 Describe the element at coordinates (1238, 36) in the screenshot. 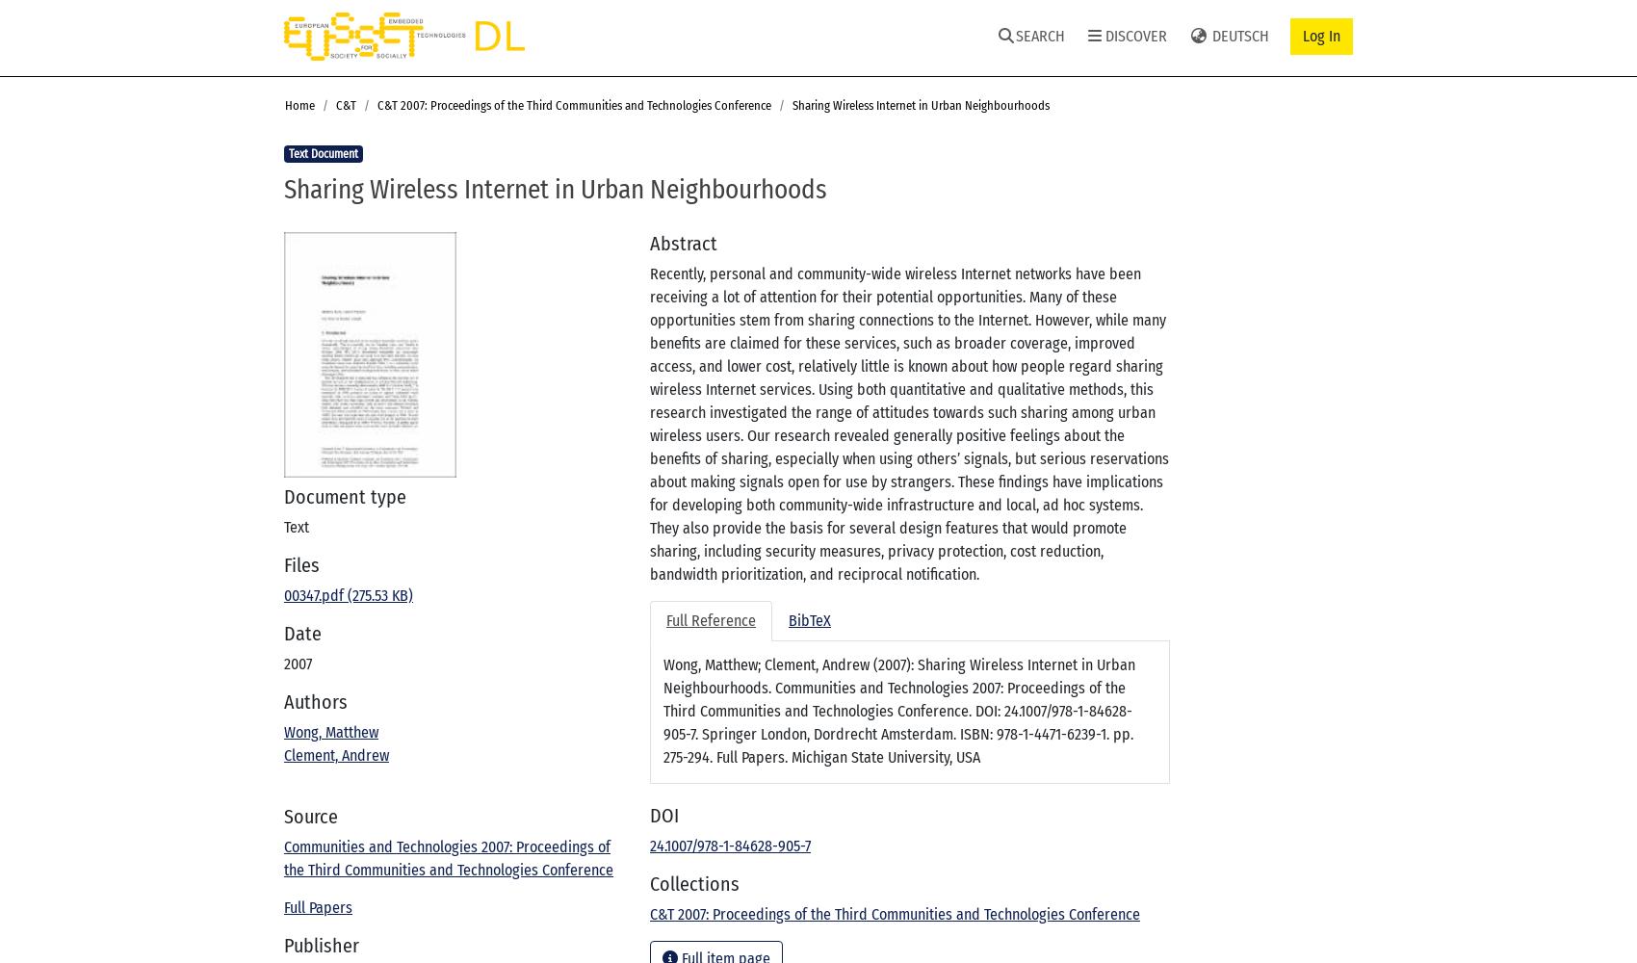

I see `'Deutsch'` at that location.